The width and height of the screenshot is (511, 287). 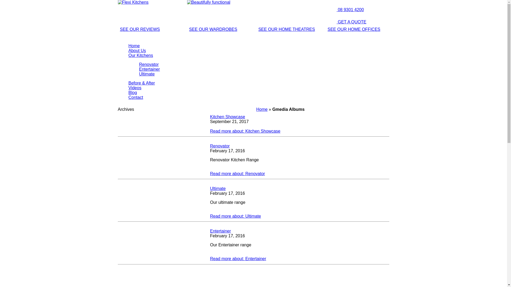 I want to click on 'Our Kitchens', so click(x=141, y=55).